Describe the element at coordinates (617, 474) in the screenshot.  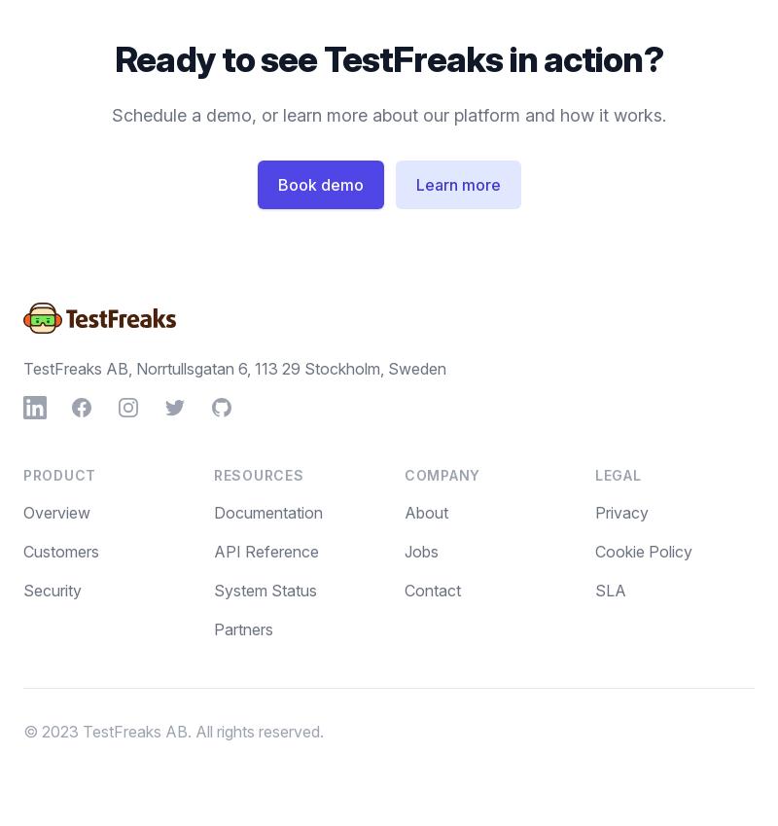
I see `'Legal'` at that location.